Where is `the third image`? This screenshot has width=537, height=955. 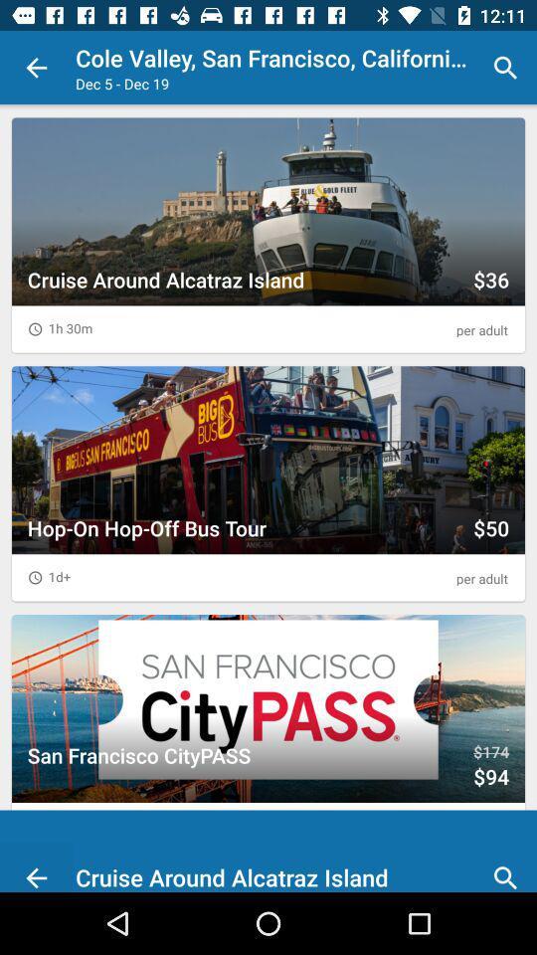 the third image is located at coordinates (268, 731).